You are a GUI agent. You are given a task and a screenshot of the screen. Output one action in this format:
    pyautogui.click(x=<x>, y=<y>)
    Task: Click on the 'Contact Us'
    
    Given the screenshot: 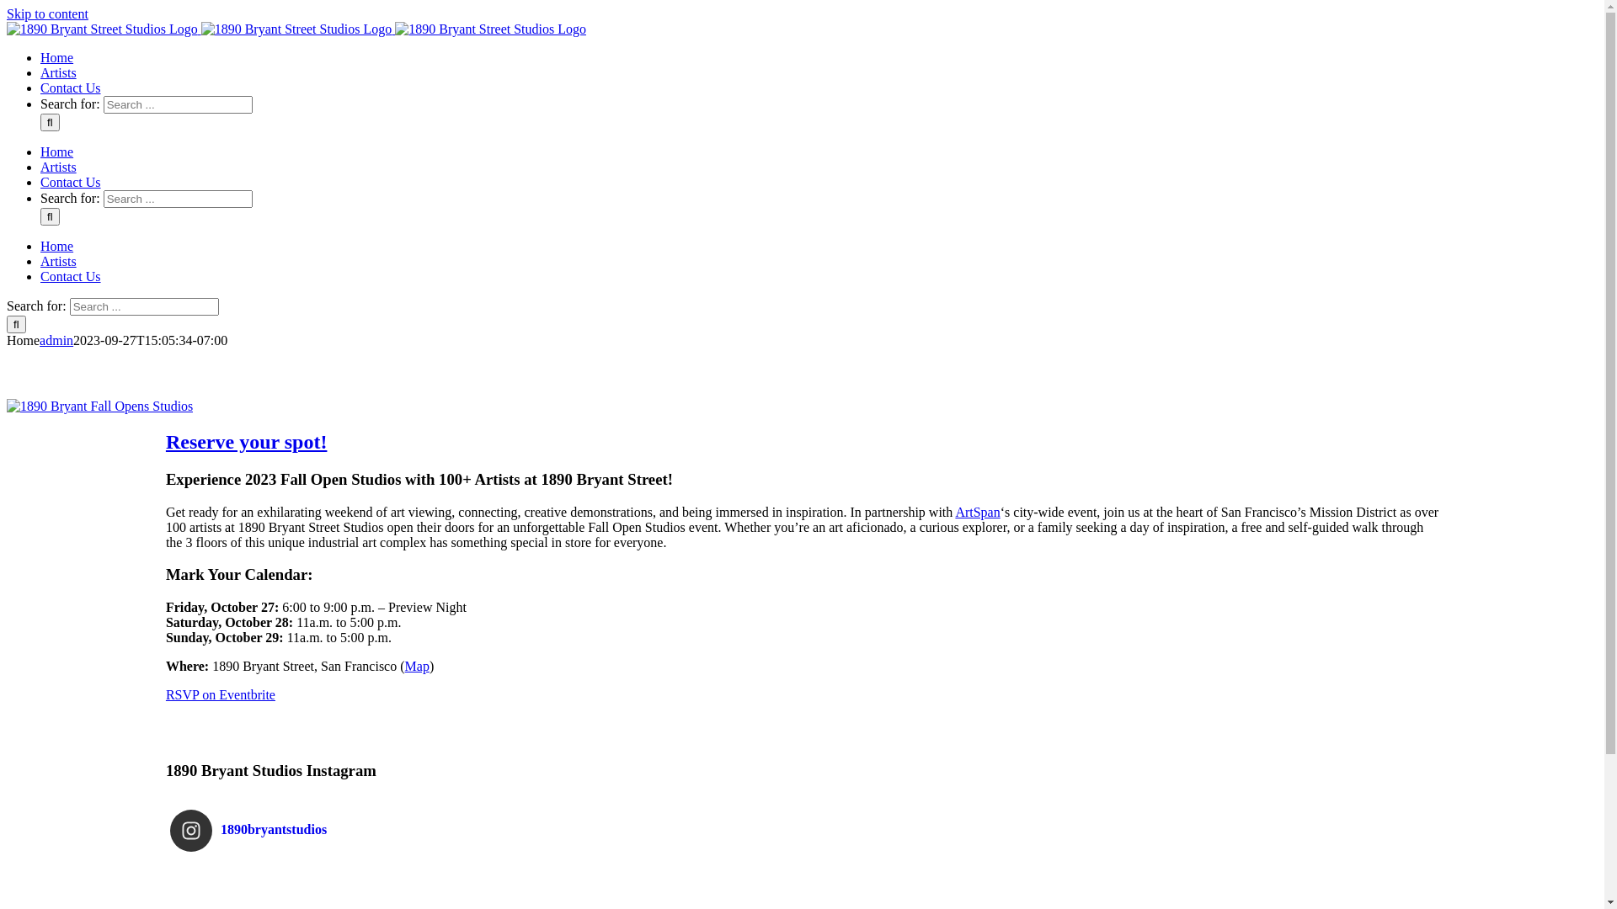 What is the action you would take?
    pyautogui.click(x=69, y=88)
    